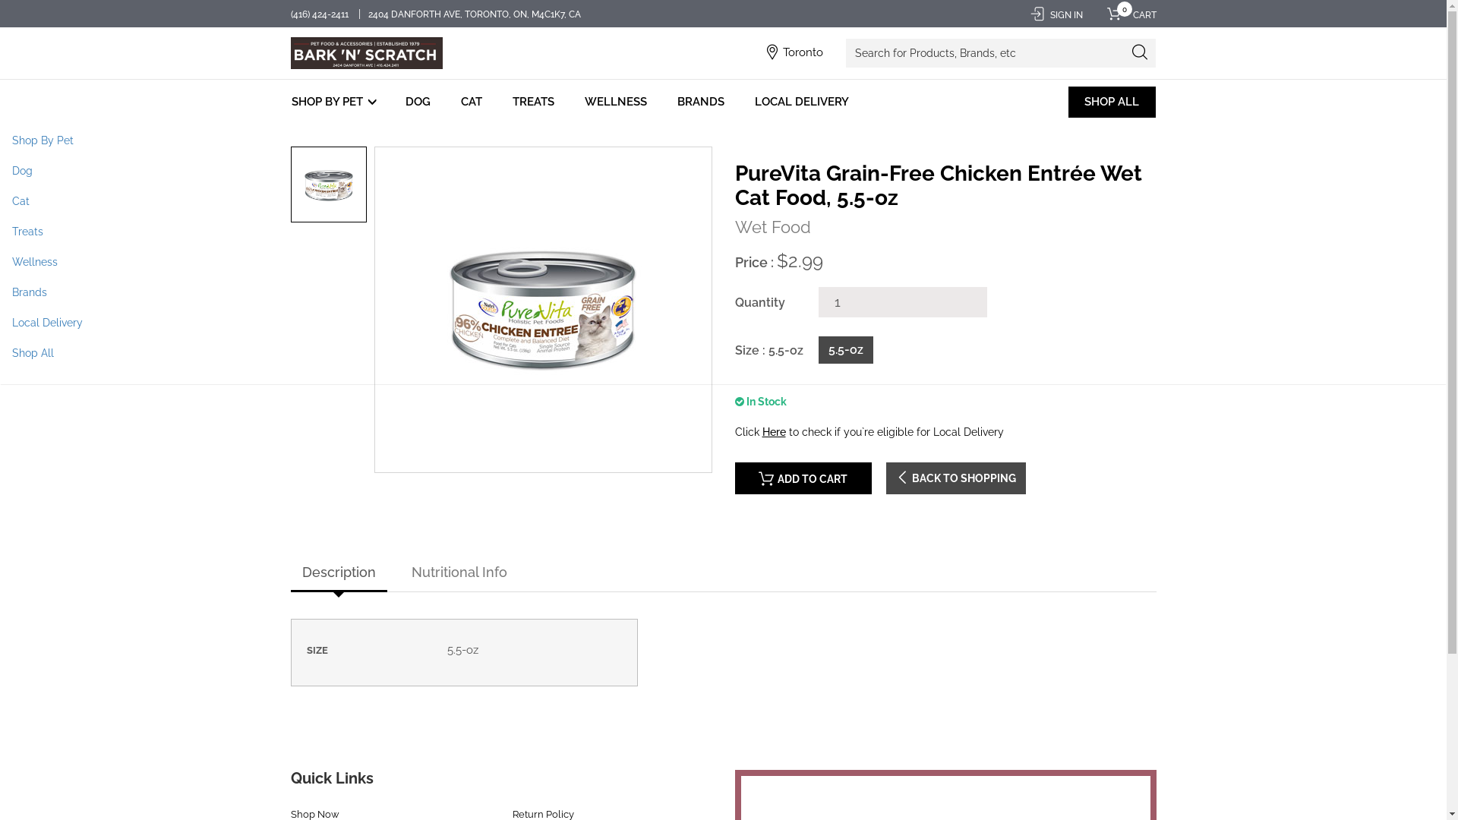  What do you see at coordinates (0, 140) in the screenshot?
I see `'Shop By Pet'` at bounding box center [0, 140].